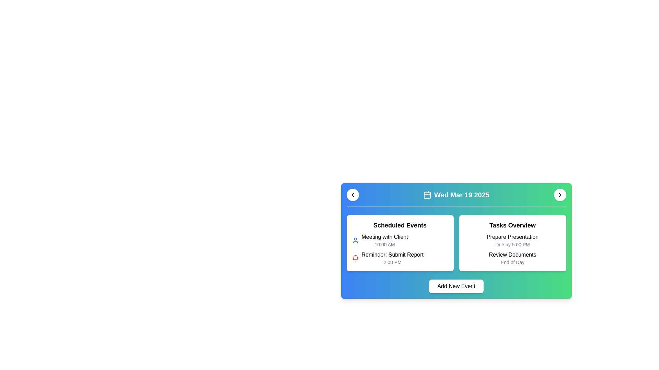  What do you see at coordinates (400, 258) in the screenshot?
I see `the scheduled task reminder element, which contains an icon and text, located below 'Meeting with Client' in the 'Scheduled Events' section` at bounding box center [400, 258].